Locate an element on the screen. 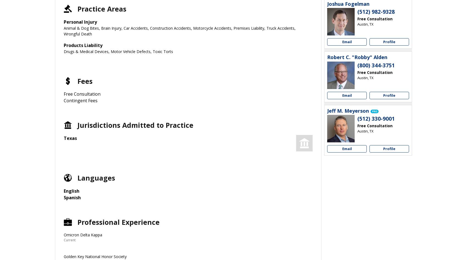 This screenshot has height=260, width=467. '(800) 344-3751' is located at coordinates (357, 65).